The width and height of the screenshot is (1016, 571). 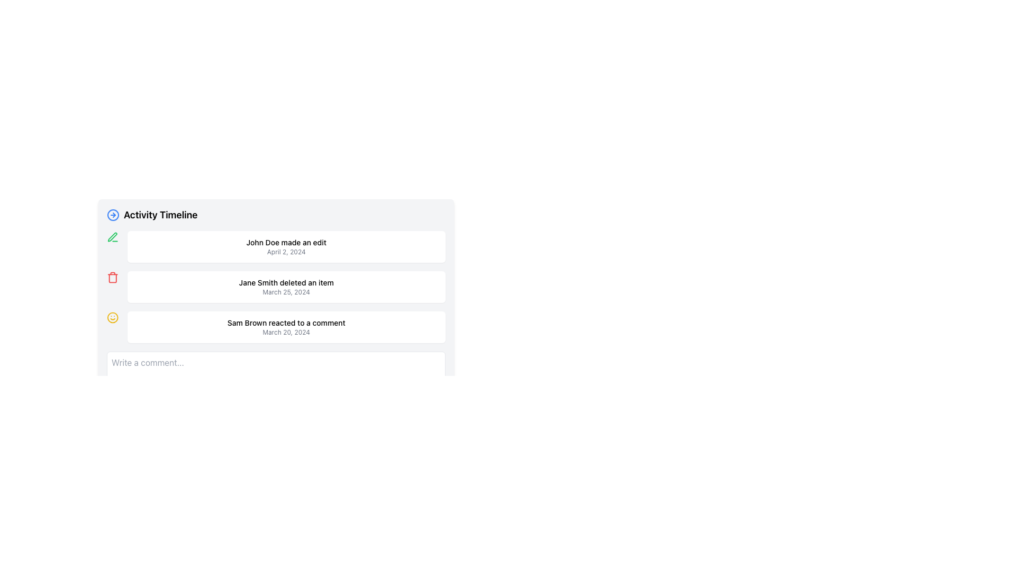 I want to click on the notification about the deletion action taken by Jane Smith, which is positioned in the vertical timeline between other notifications, so click(x=286, y=287).